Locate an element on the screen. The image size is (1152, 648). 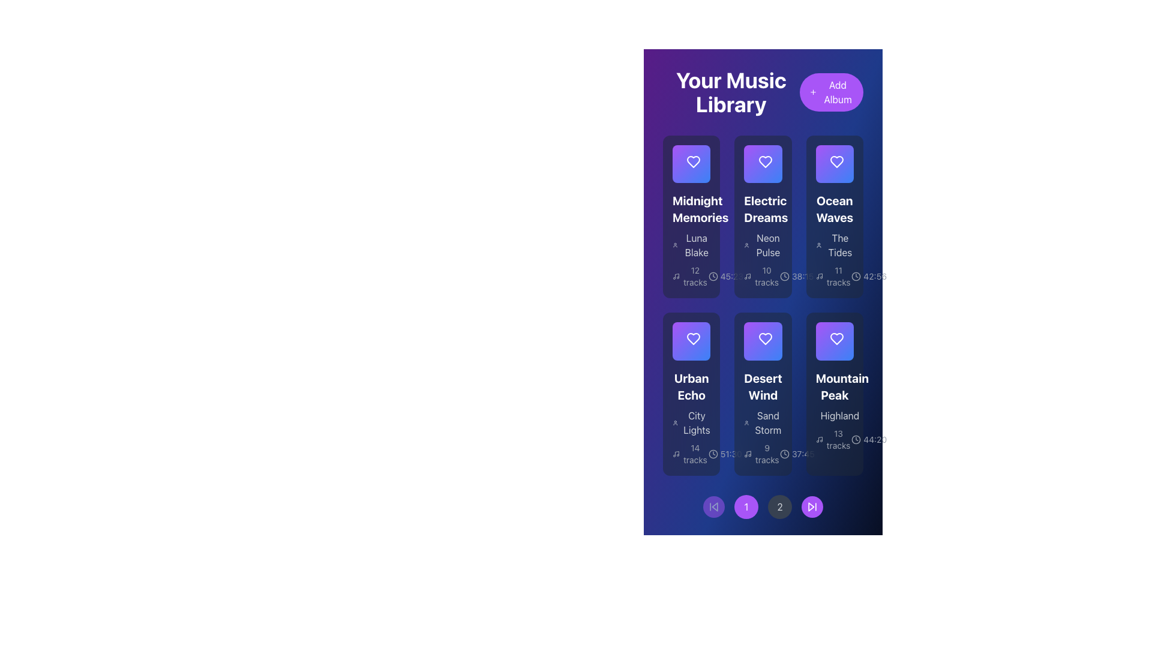
the favorite button for the 'Urban Echo' album located in the second row of the grid layout is located at coordinates (694, 339).